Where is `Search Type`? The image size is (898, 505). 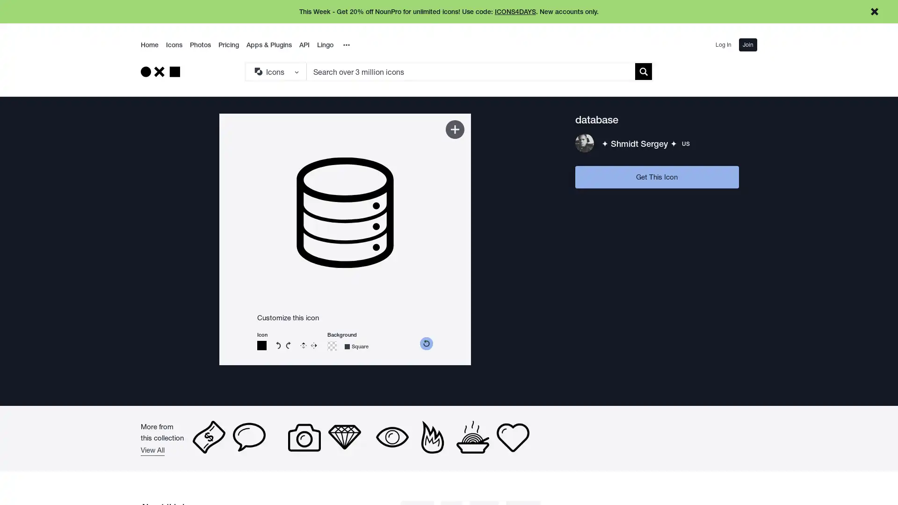
Search Type is located at coordinates (275, 71).